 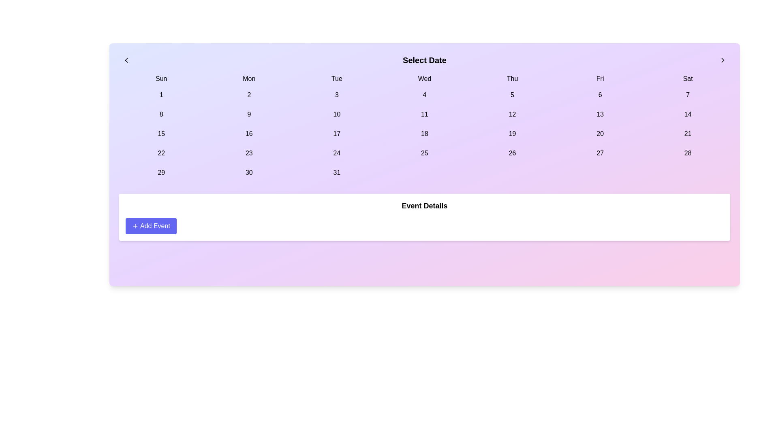 What do you see at coordinates (161, 114) in the screenshot?
I see `the date selection button representing the date '8' in the calendar, located in the second row, first column under 'Sun'` at bounding box center [161, 114].